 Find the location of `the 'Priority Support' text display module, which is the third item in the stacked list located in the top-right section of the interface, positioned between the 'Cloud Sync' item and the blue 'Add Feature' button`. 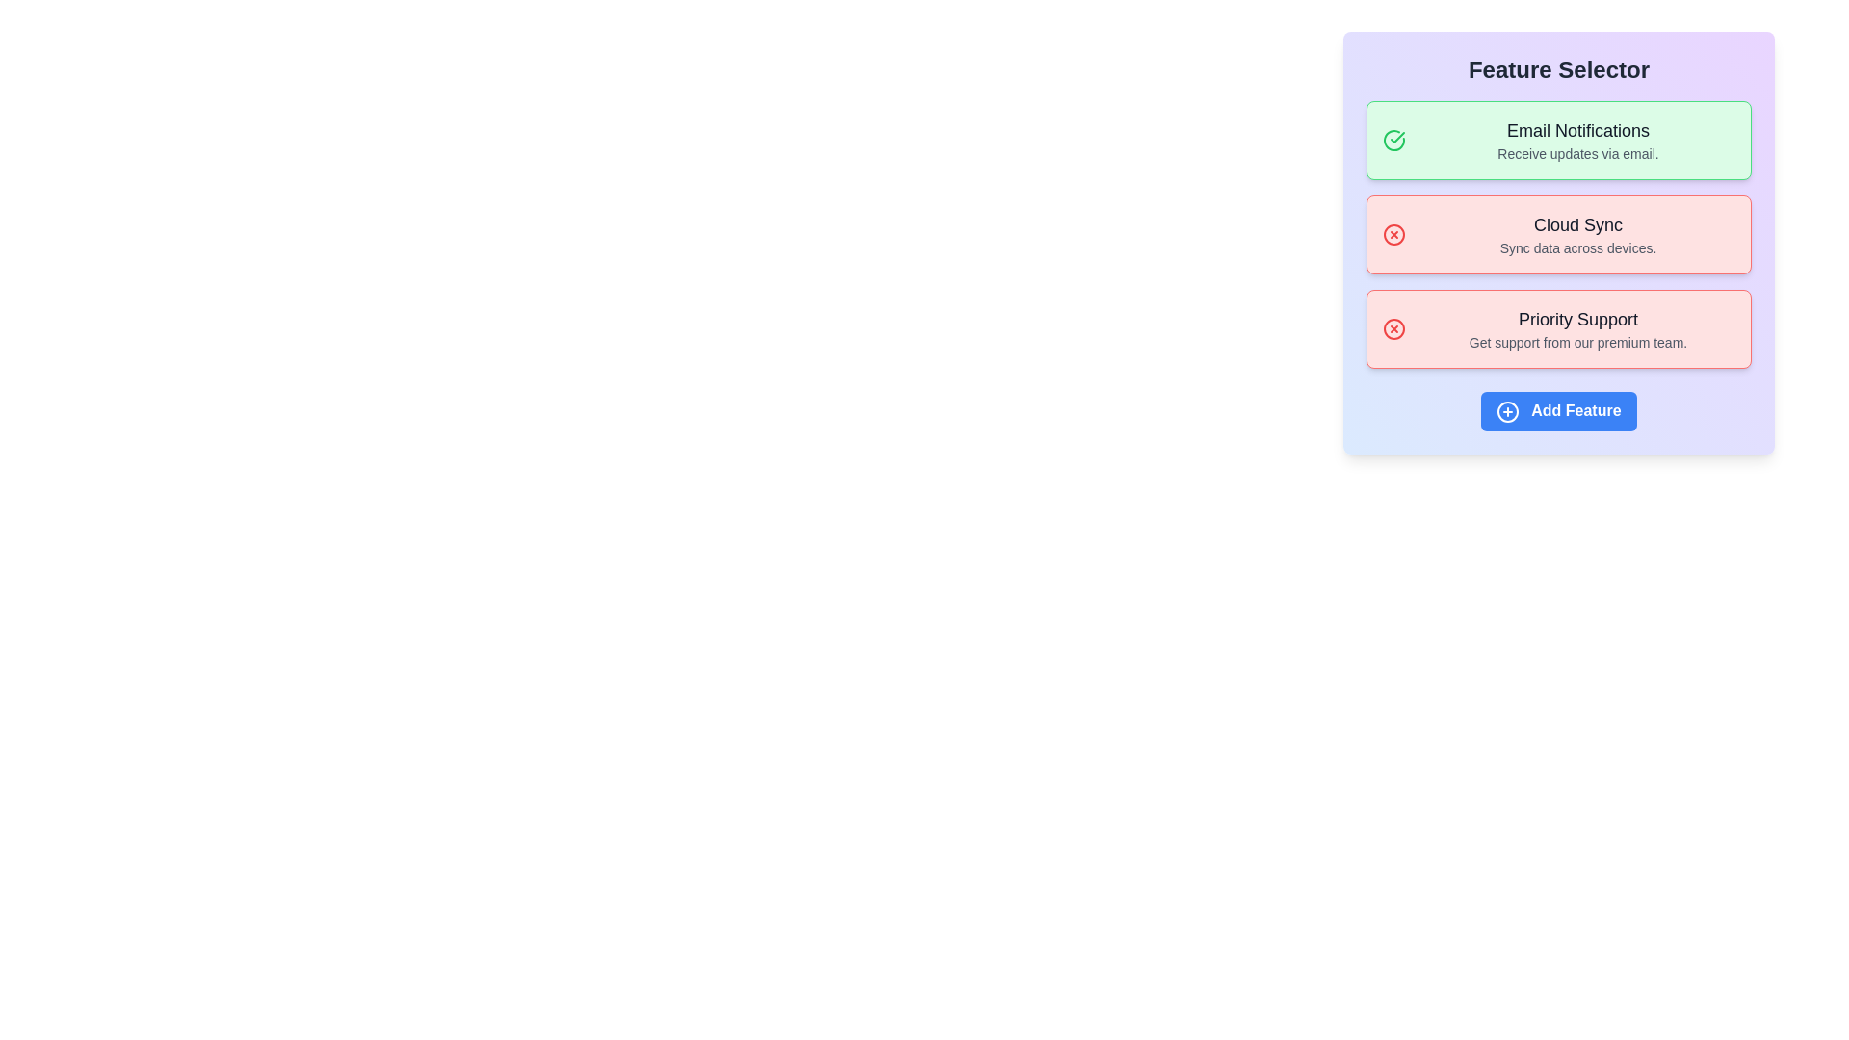

the 'Priority Support' text display module, which is the third item in the stacked list located in the top-right section of the interface, positioned between the 'Cloud Sync' item and the blue 'Add Feature' button is located at coordinates (1577, 328).